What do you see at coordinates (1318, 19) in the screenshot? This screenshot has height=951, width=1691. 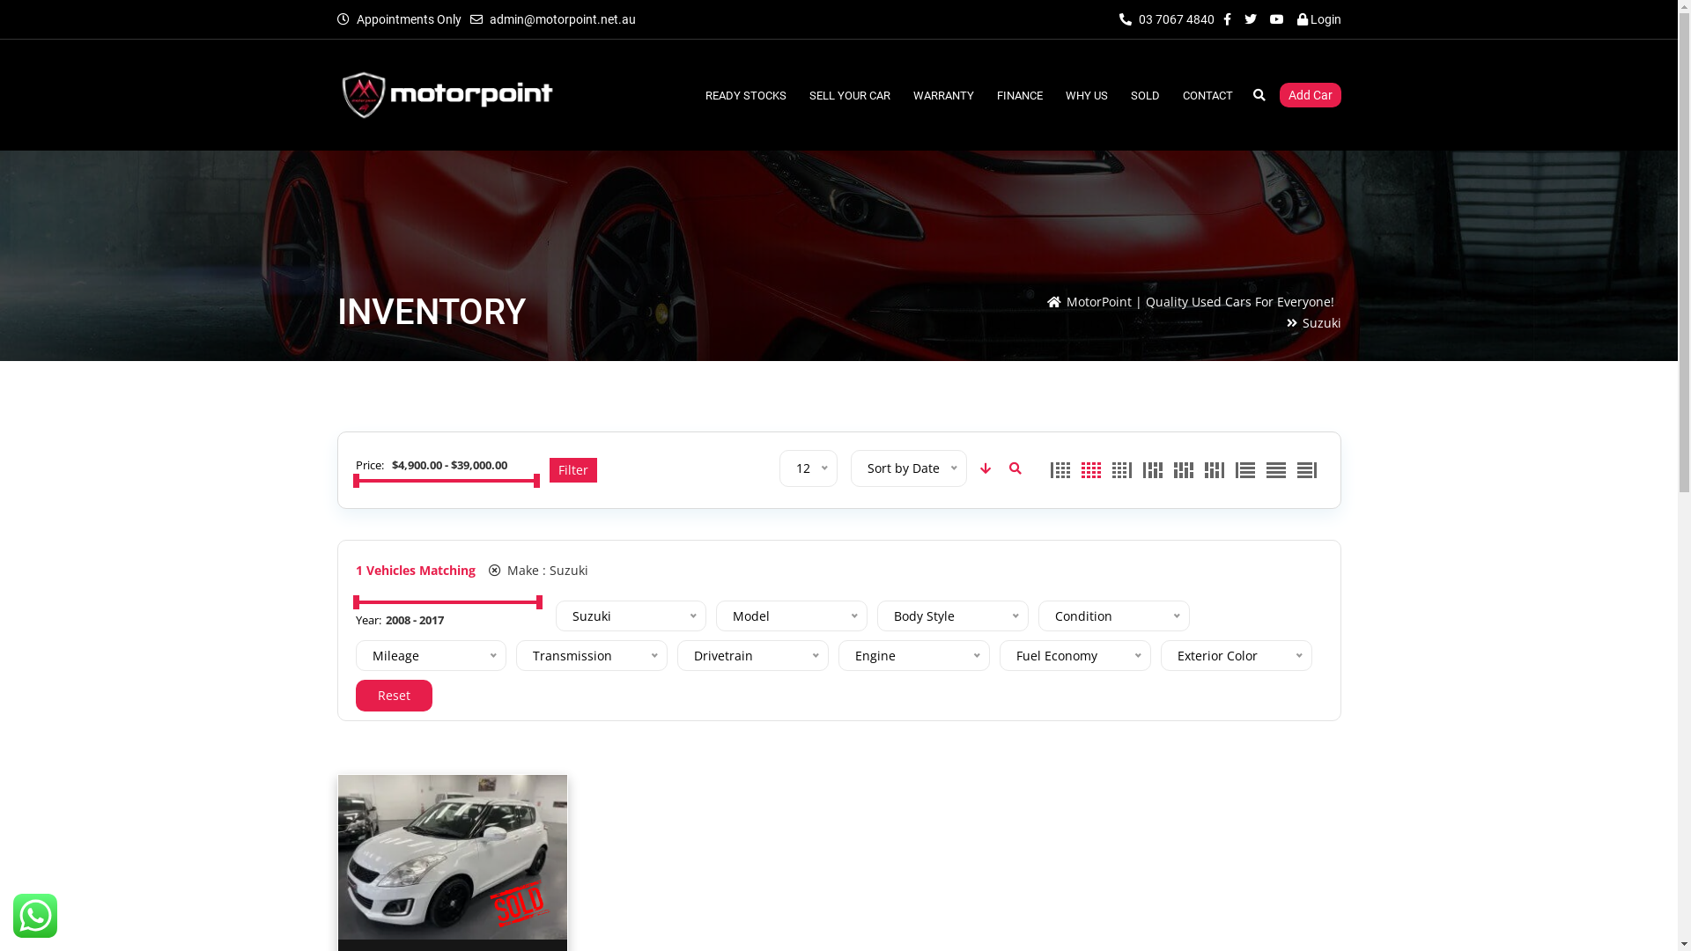 I see `'Login'` at bounding box center [1318, 19].